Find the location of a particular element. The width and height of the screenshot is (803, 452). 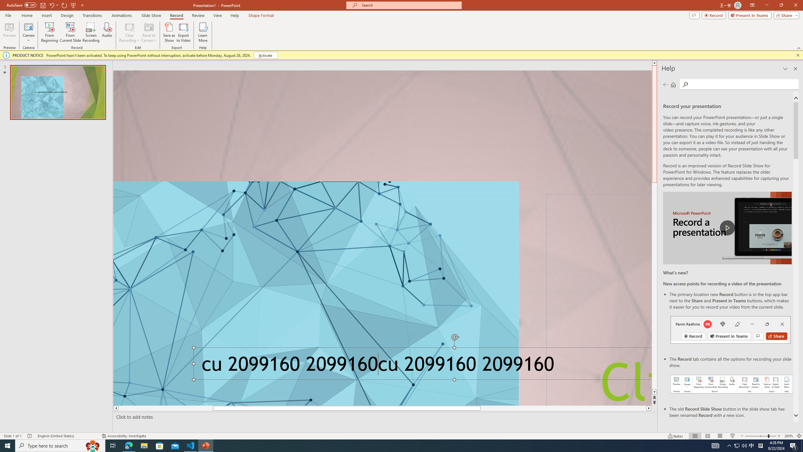

'Activate' is located at coordinates (266, 55).